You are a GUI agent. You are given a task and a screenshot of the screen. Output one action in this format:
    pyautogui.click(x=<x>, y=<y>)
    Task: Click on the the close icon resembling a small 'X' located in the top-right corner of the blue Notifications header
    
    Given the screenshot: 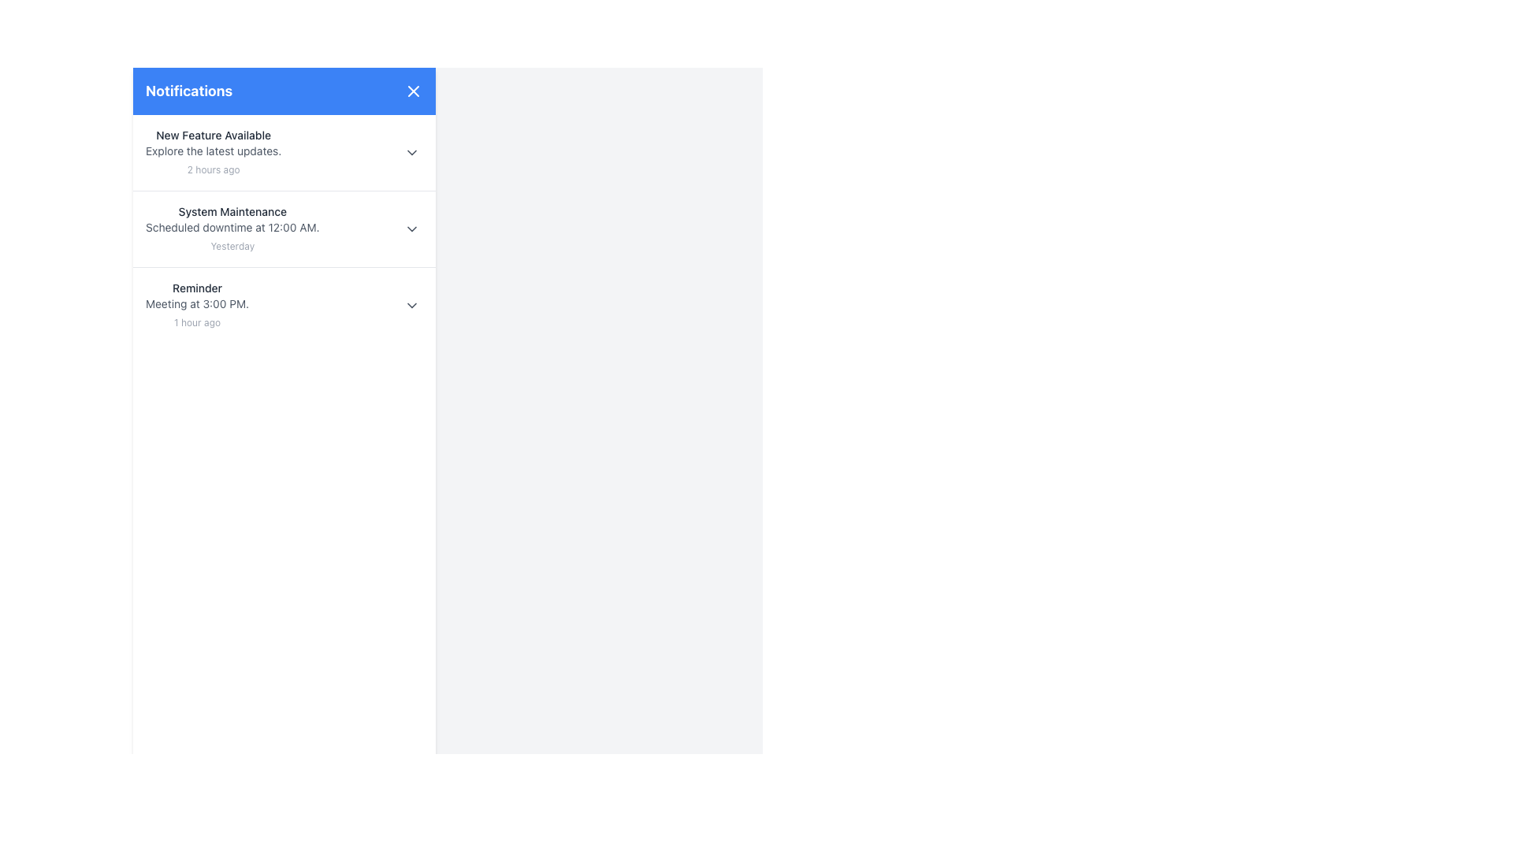 What is the action you would take?
    pyautogui.click(x=413, y=91)
    